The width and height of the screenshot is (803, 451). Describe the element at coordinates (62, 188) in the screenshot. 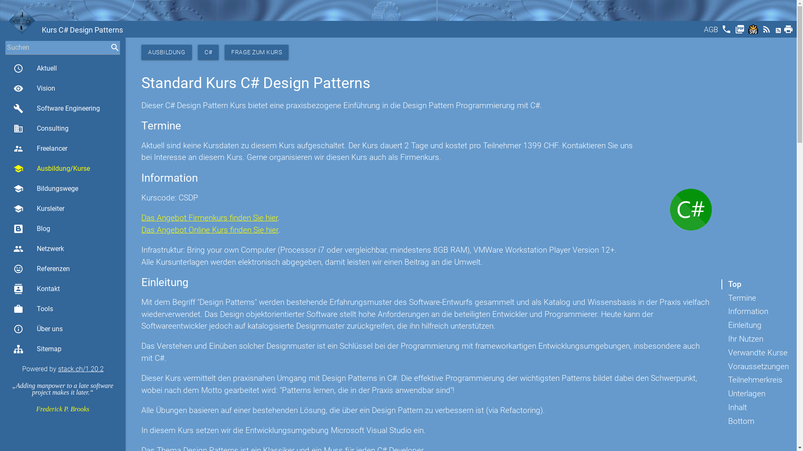

I see `'school` at that location.